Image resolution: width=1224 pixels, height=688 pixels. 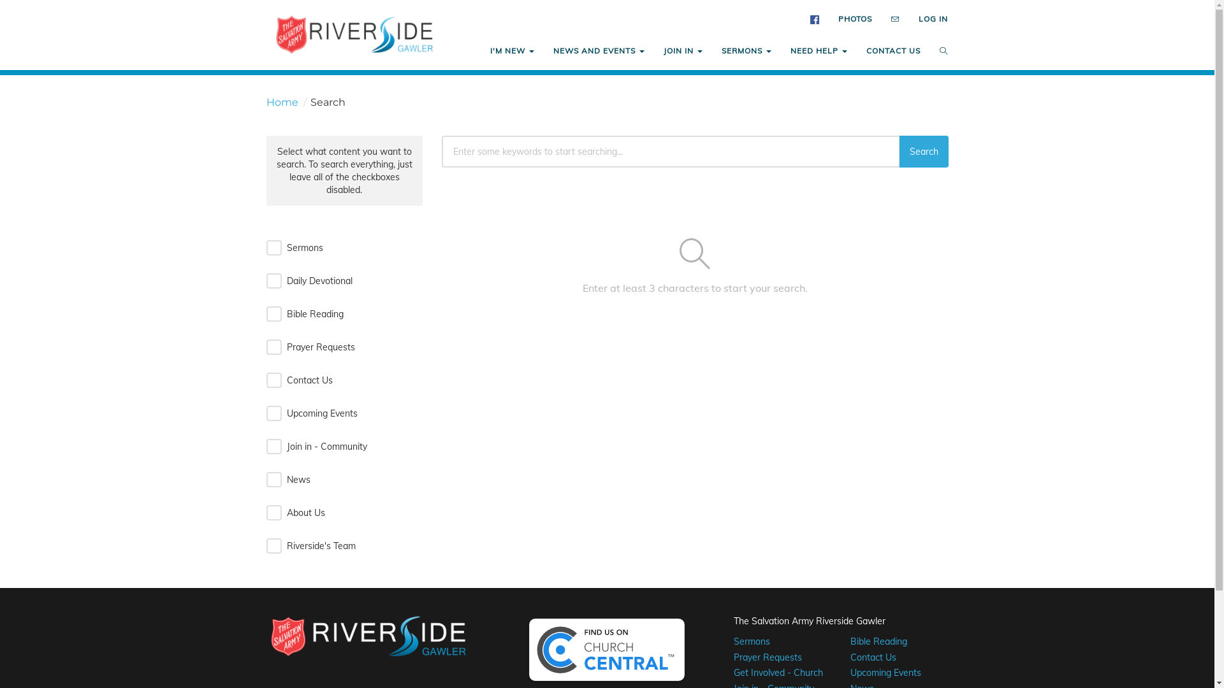 What do you see at coordinates (682, 50) in the screenshot?
I see `'JOIN IN'` at bounding box center [682, 50].